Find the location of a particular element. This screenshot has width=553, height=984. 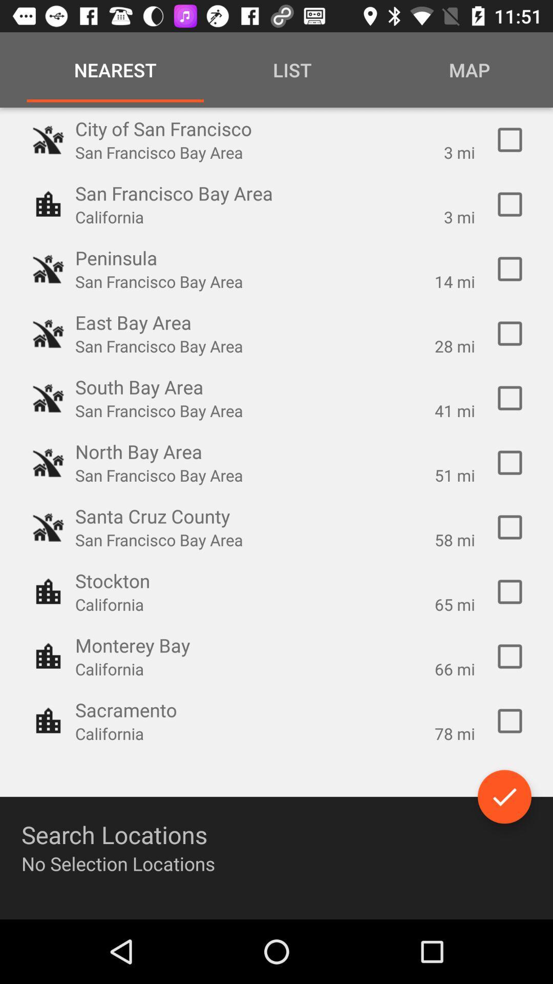

nearest location is located at coordinates (509, 139).